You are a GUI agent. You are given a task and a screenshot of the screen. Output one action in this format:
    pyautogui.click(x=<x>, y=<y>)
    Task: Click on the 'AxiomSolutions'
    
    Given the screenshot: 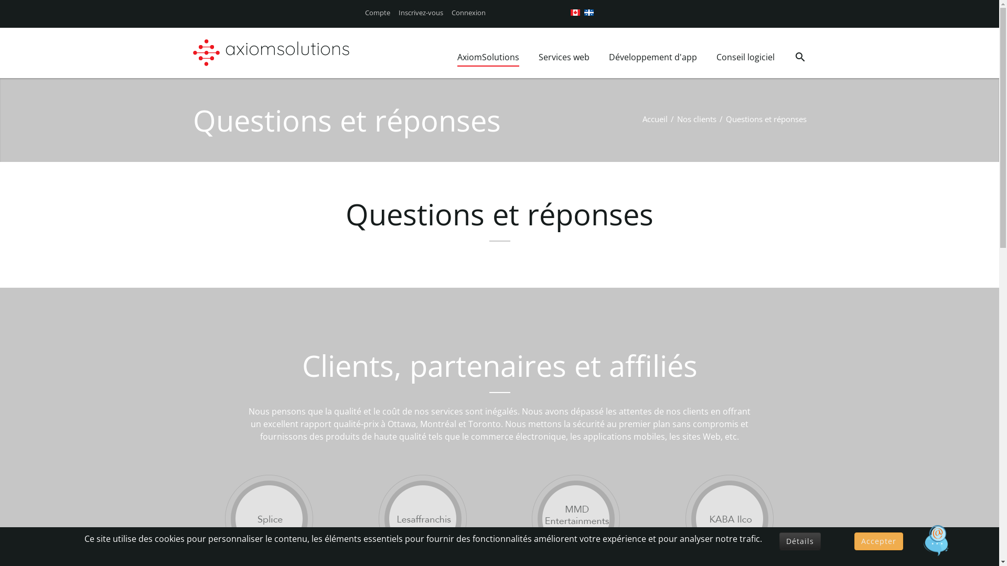 What is the action you would take?
    pyautogui.click(x=488, y=58)
    